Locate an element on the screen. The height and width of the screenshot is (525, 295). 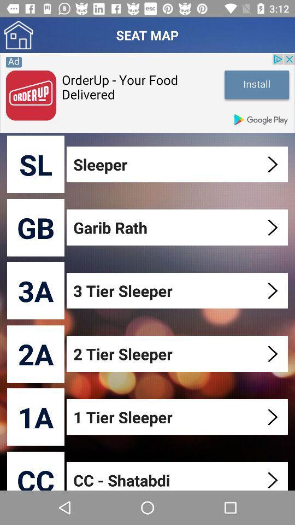
1a icon is located at coordinates (36, 416).